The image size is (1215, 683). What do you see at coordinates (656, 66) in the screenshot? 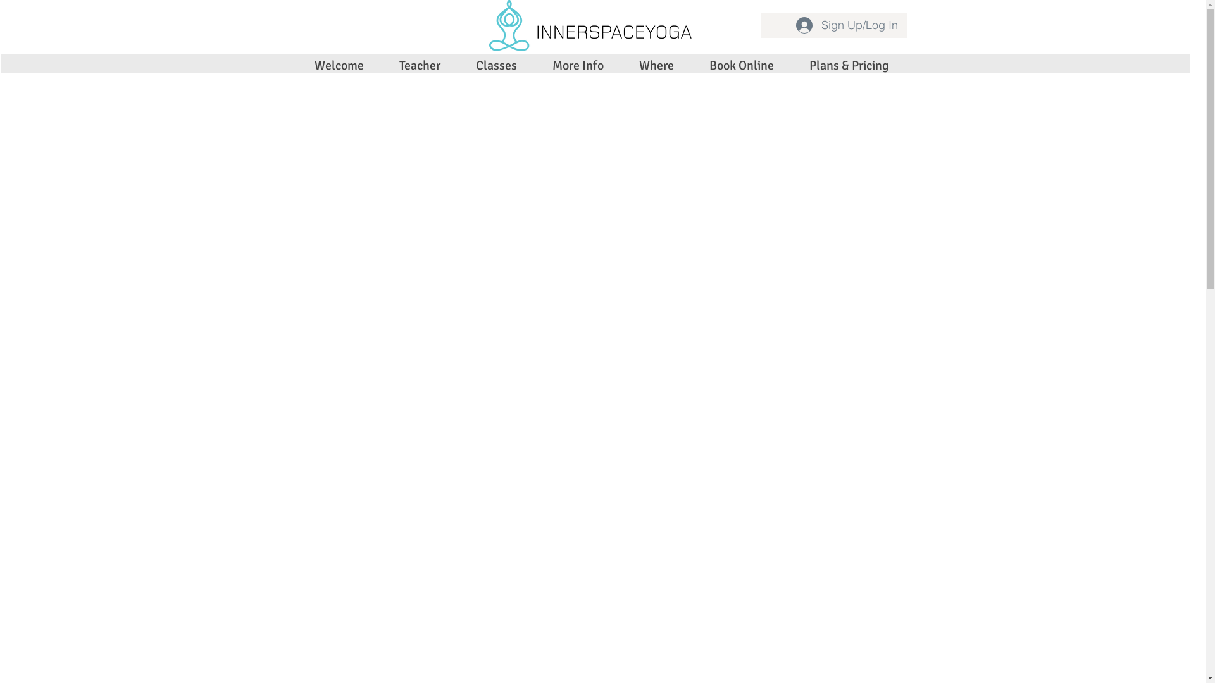
I see `'Where'` at bounding box center [656, 66].